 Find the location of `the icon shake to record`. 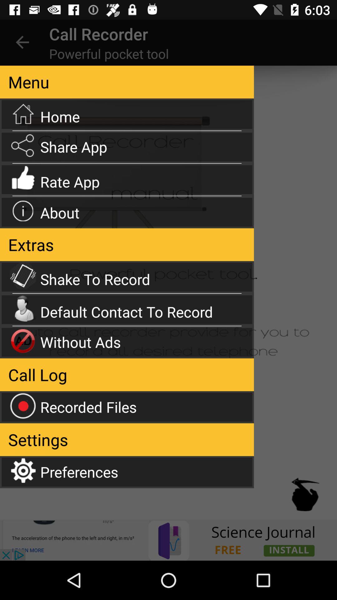

the icon shake to record is located at coordinates (22, 276).